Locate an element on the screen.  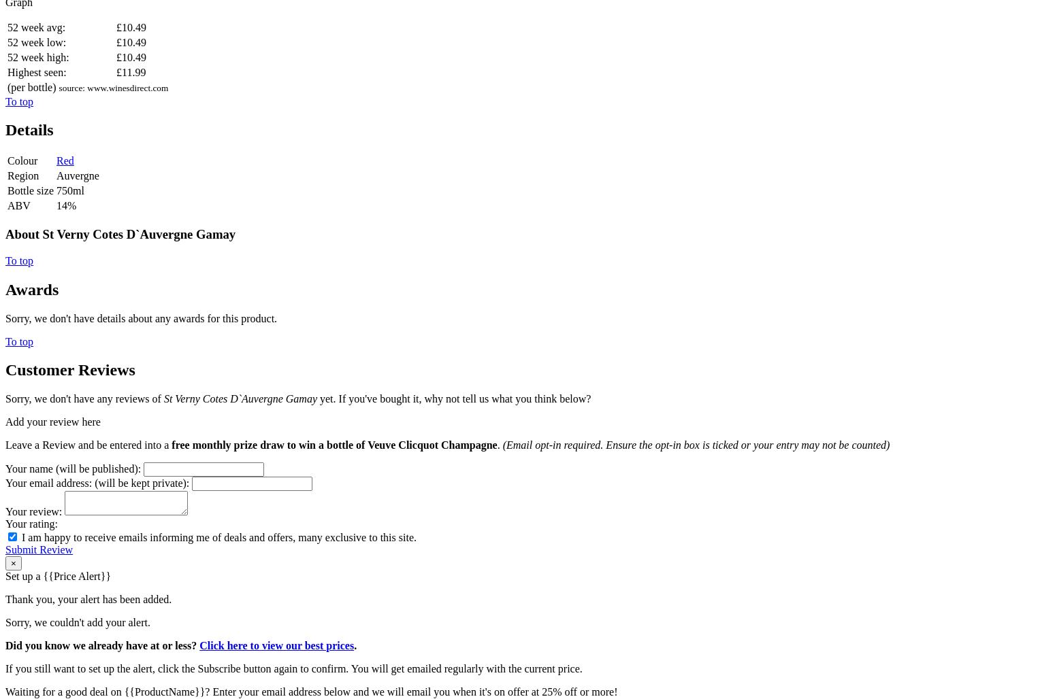
'free monthly prize draw to win a bottle of Veuve Clicquot Champagne' is located at coordinates (334, 445).